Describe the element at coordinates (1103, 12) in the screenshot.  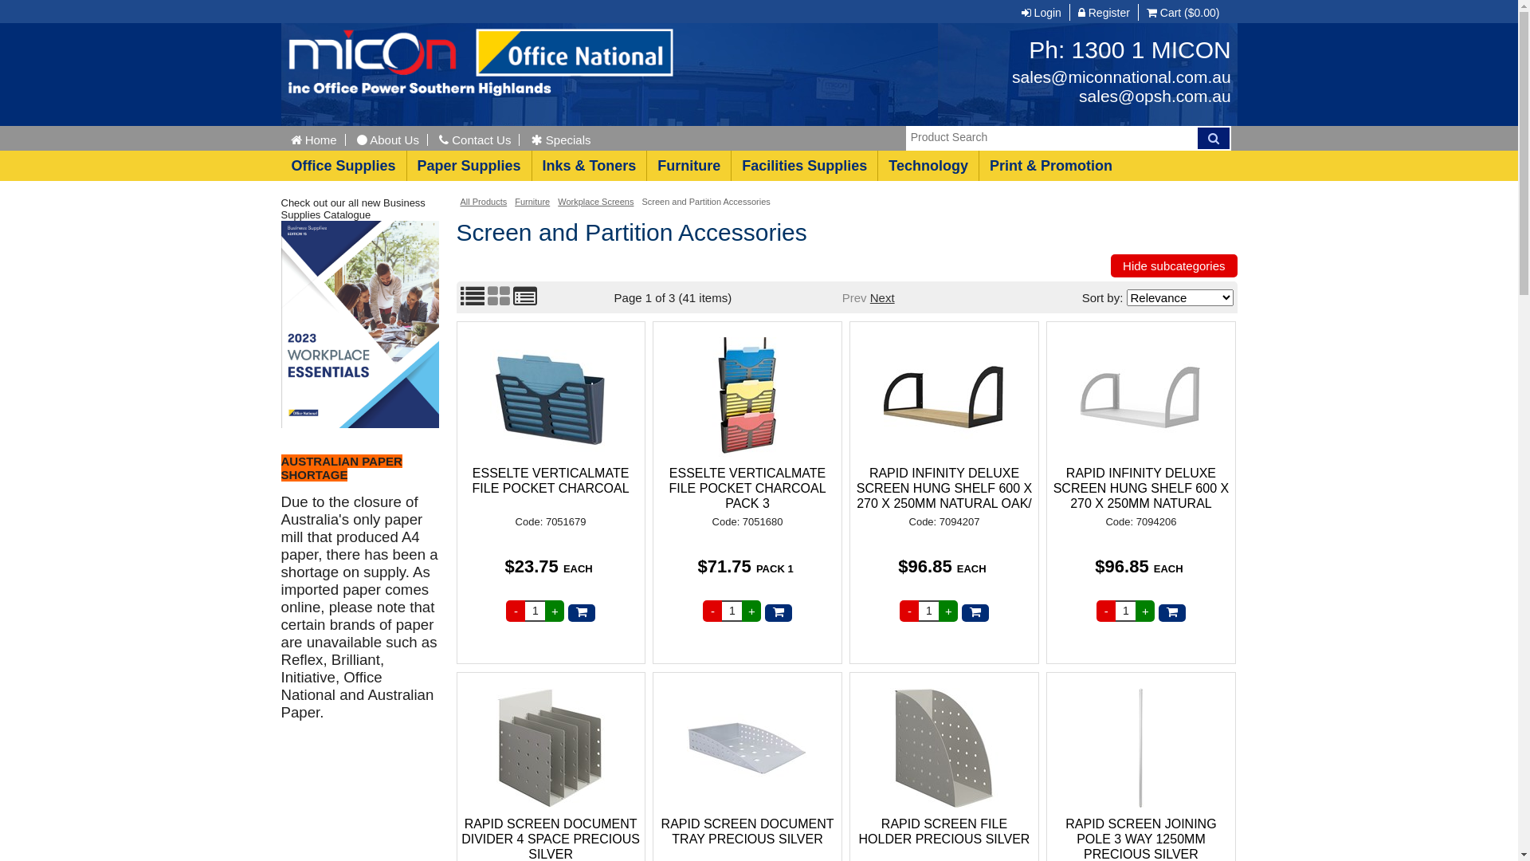
I see `'Register'` at that location.